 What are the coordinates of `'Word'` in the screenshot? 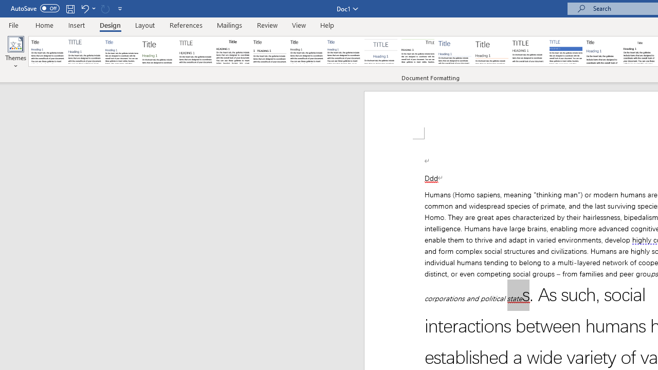 It's located at (603, 51).